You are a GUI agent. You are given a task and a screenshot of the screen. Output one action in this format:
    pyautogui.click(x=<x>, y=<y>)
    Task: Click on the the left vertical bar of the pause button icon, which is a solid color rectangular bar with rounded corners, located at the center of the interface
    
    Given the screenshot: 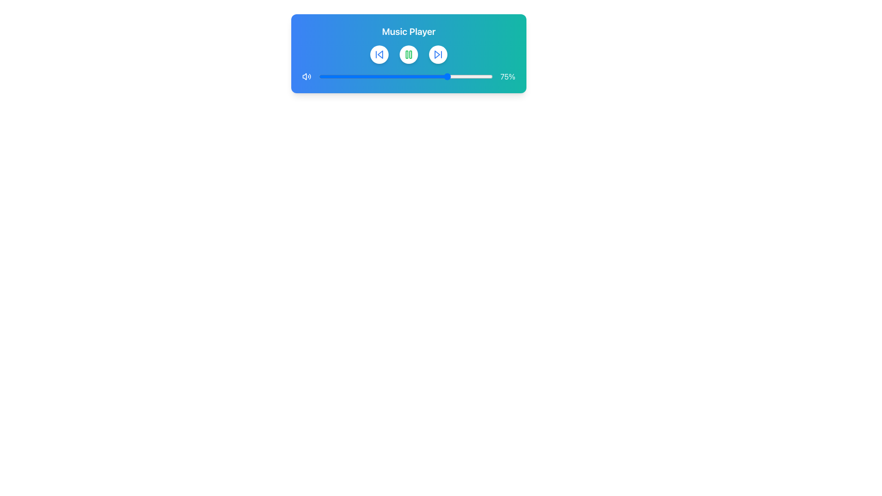 What is the action you would take?
    pyautogui.click(x=407, y=55)
    